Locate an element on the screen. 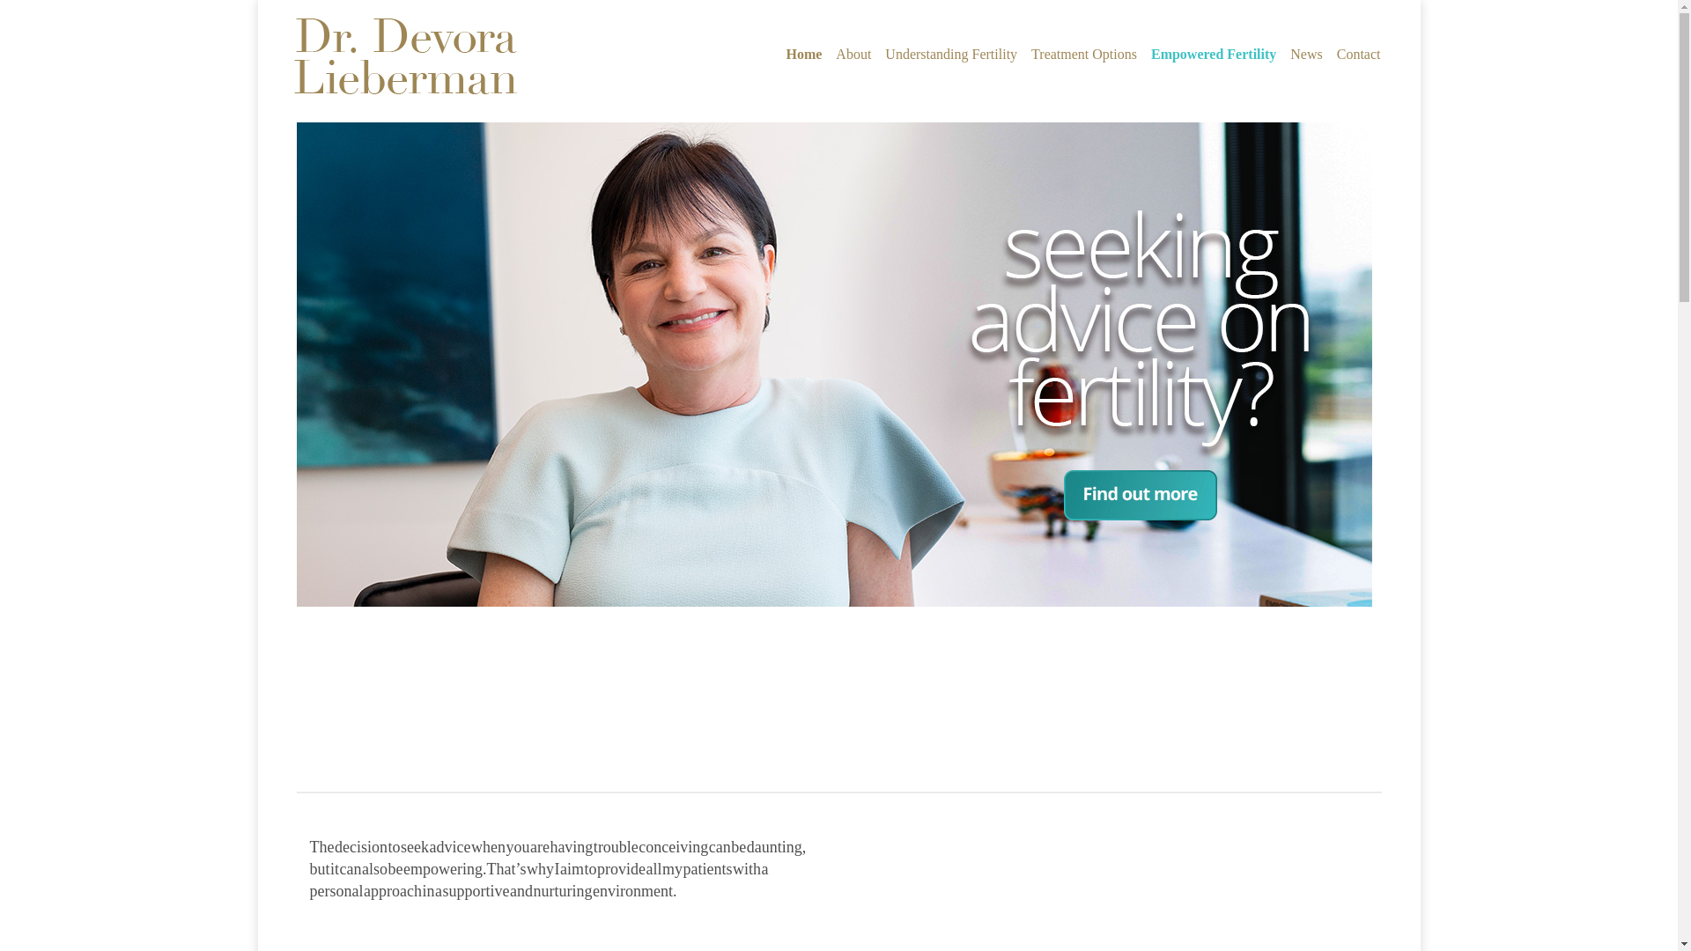 Image resolution: width=1691 pixels, height=951 pixels. 'News' is located at coordinates (1306, 54).